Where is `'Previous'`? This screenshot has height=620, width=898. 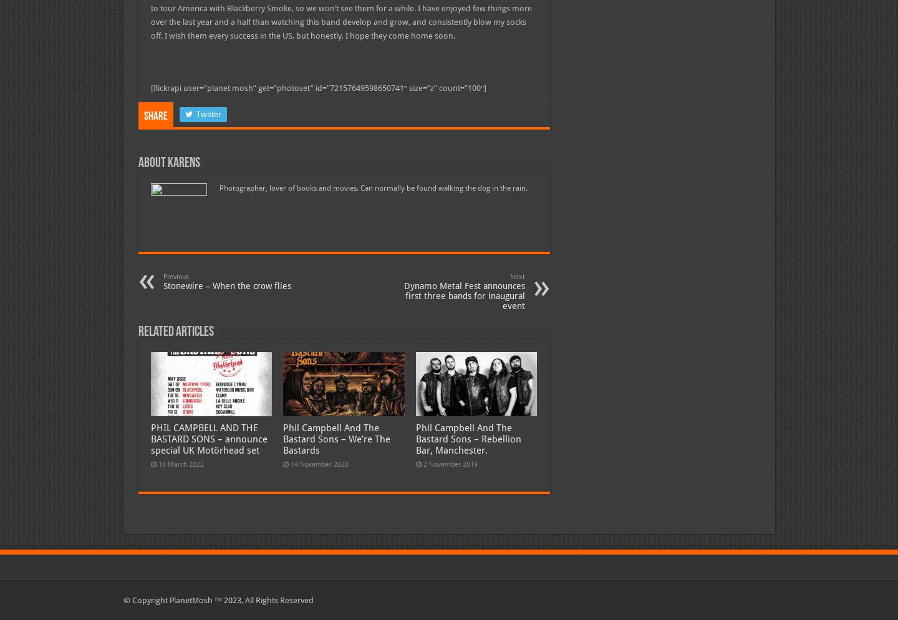
'Previous' is located at coordinates (175, 276).